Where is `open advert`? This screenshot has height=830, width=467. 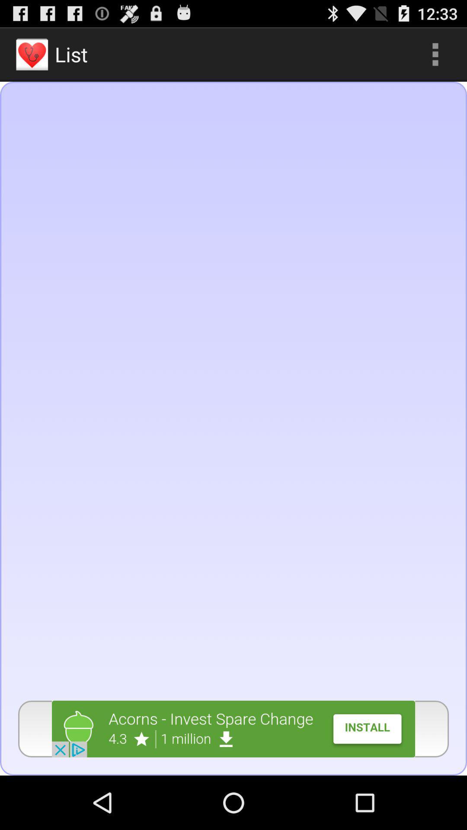
open advert is located at coordinates (233, 728).